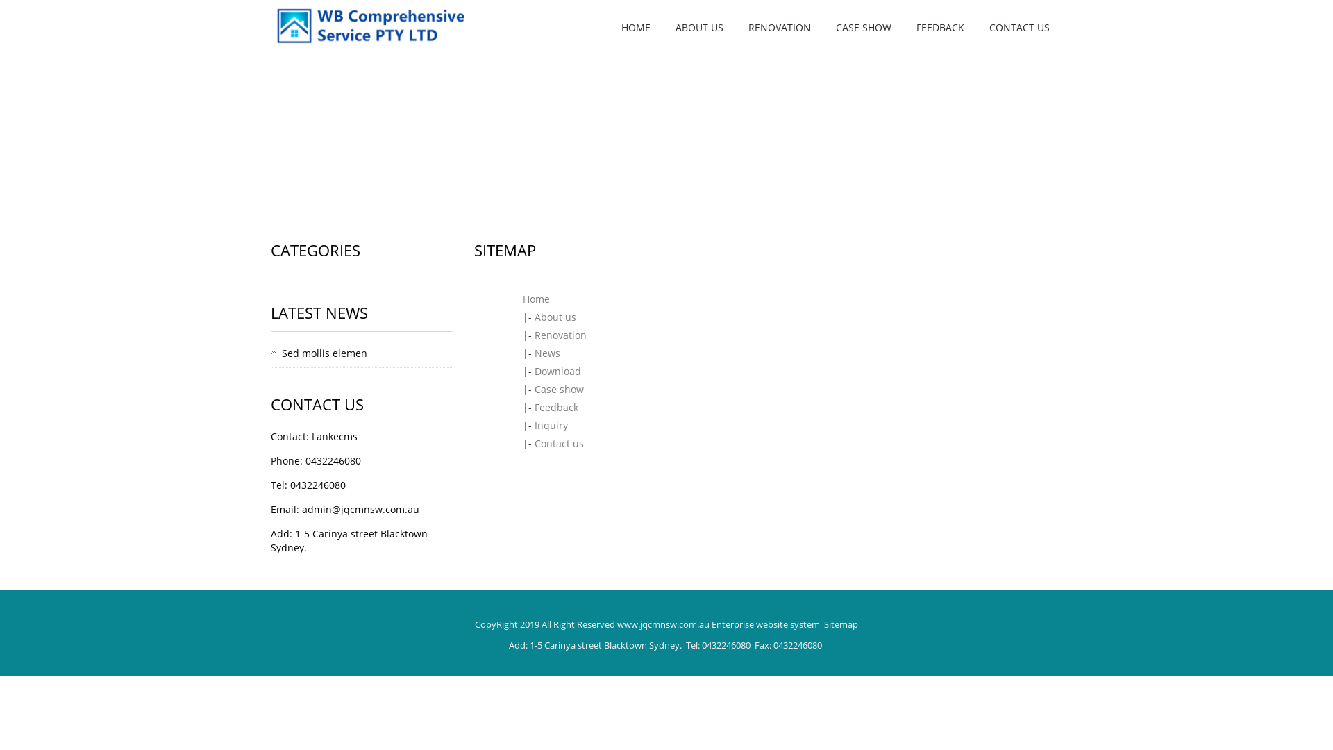 The height and width of the screenshot is (750, 1333). Describe the element at coordinates (840, 623) in the screenshot. I see `'Sitemap'` at that location.